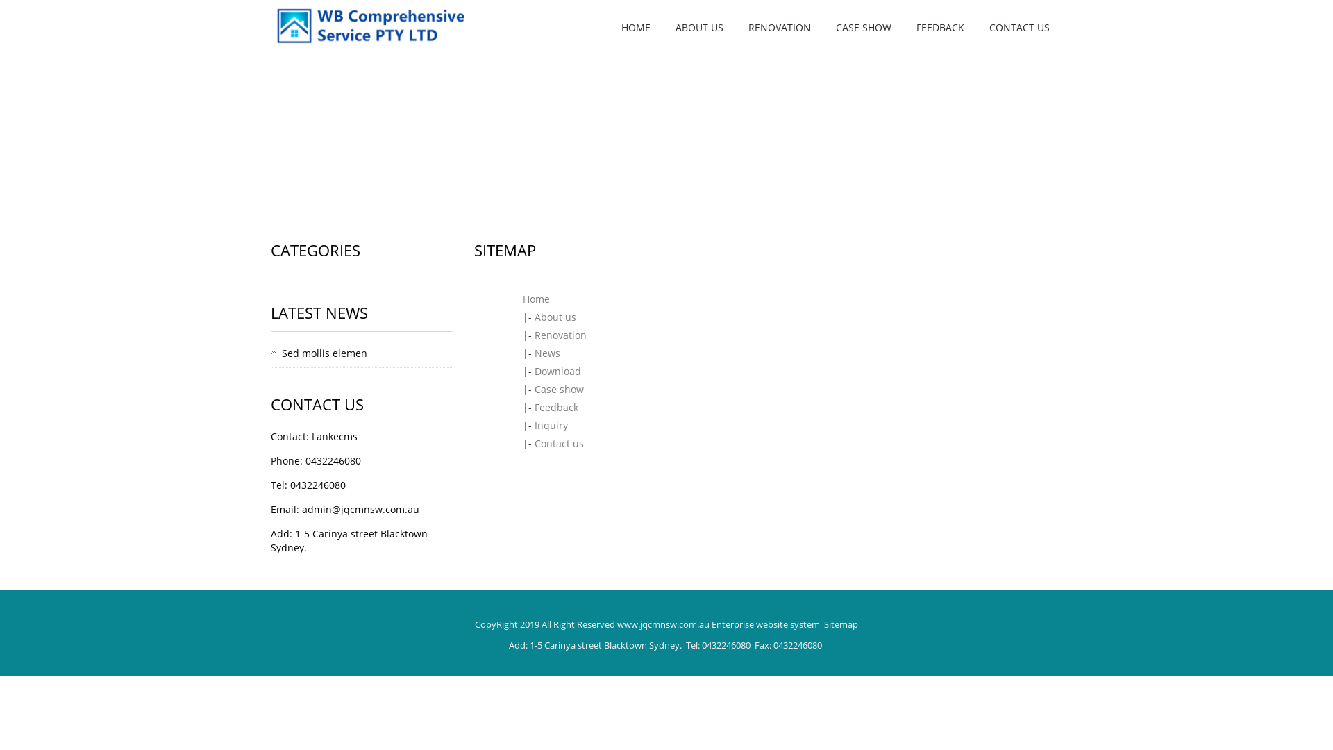 The height and width of the screenshot is (750, 1333). Describe the element at coordinates (840, 623) in the screenshot. I see `'Sitemap'` at that location.